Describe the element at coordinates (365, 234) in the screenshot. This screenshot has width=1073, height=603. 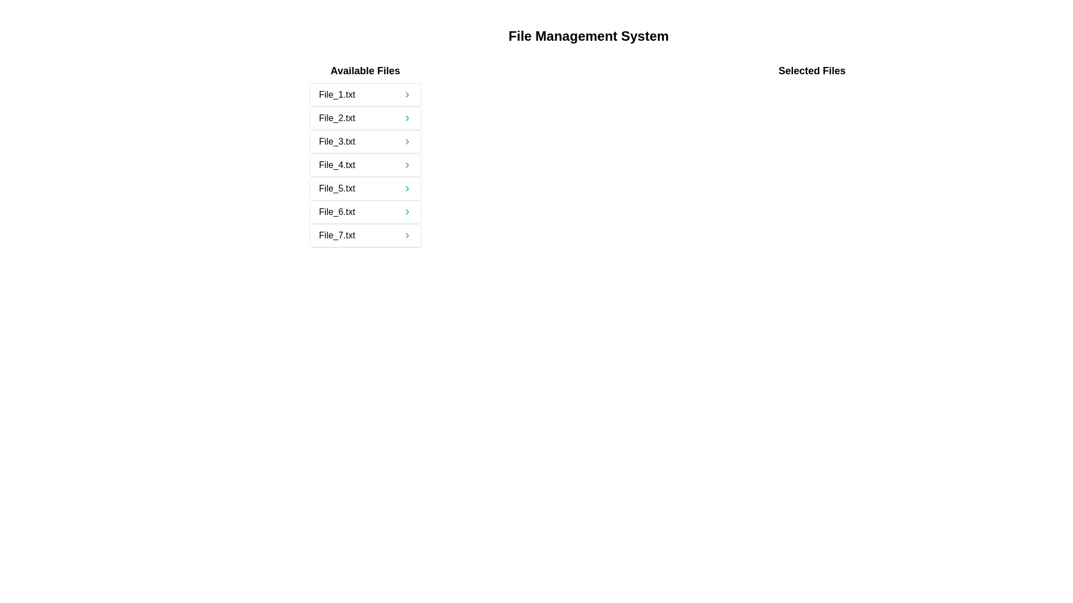
I see `the list item labeled 'File_7.txt'` at that location.